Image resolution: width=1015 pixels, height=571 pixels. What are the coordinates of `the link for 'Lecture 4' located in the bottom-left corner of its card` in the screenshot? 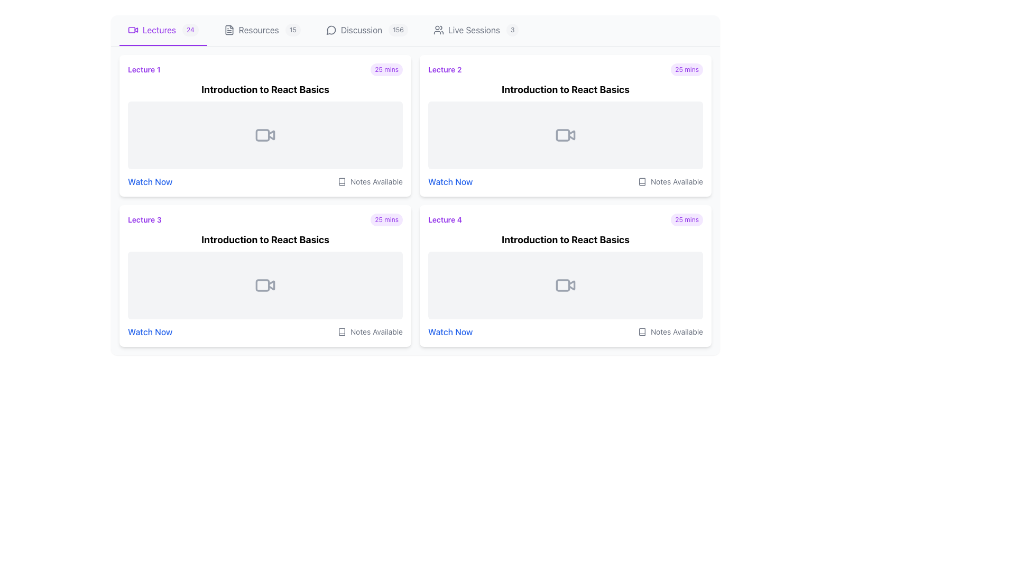 It's located at (450, 331).